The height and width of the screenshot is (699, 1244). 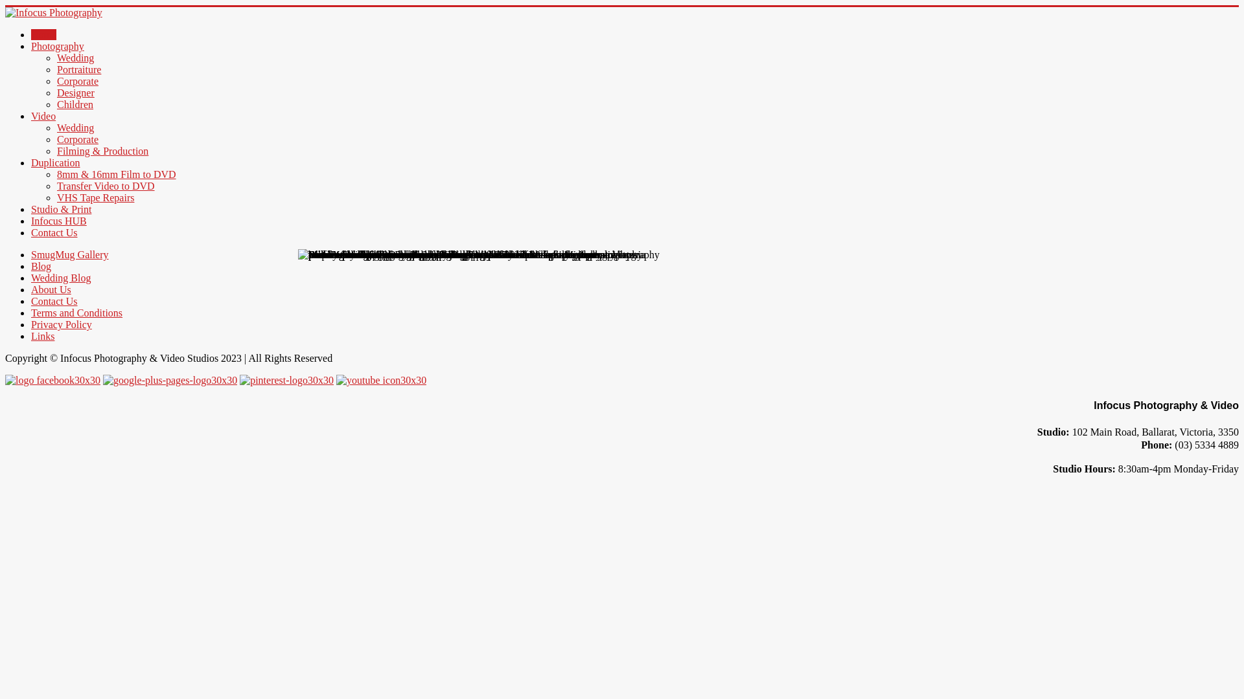 What do you see at coordinates (55, 162) in the screenshot?
I see `'Duplication'` at bounding box center [55, 162].